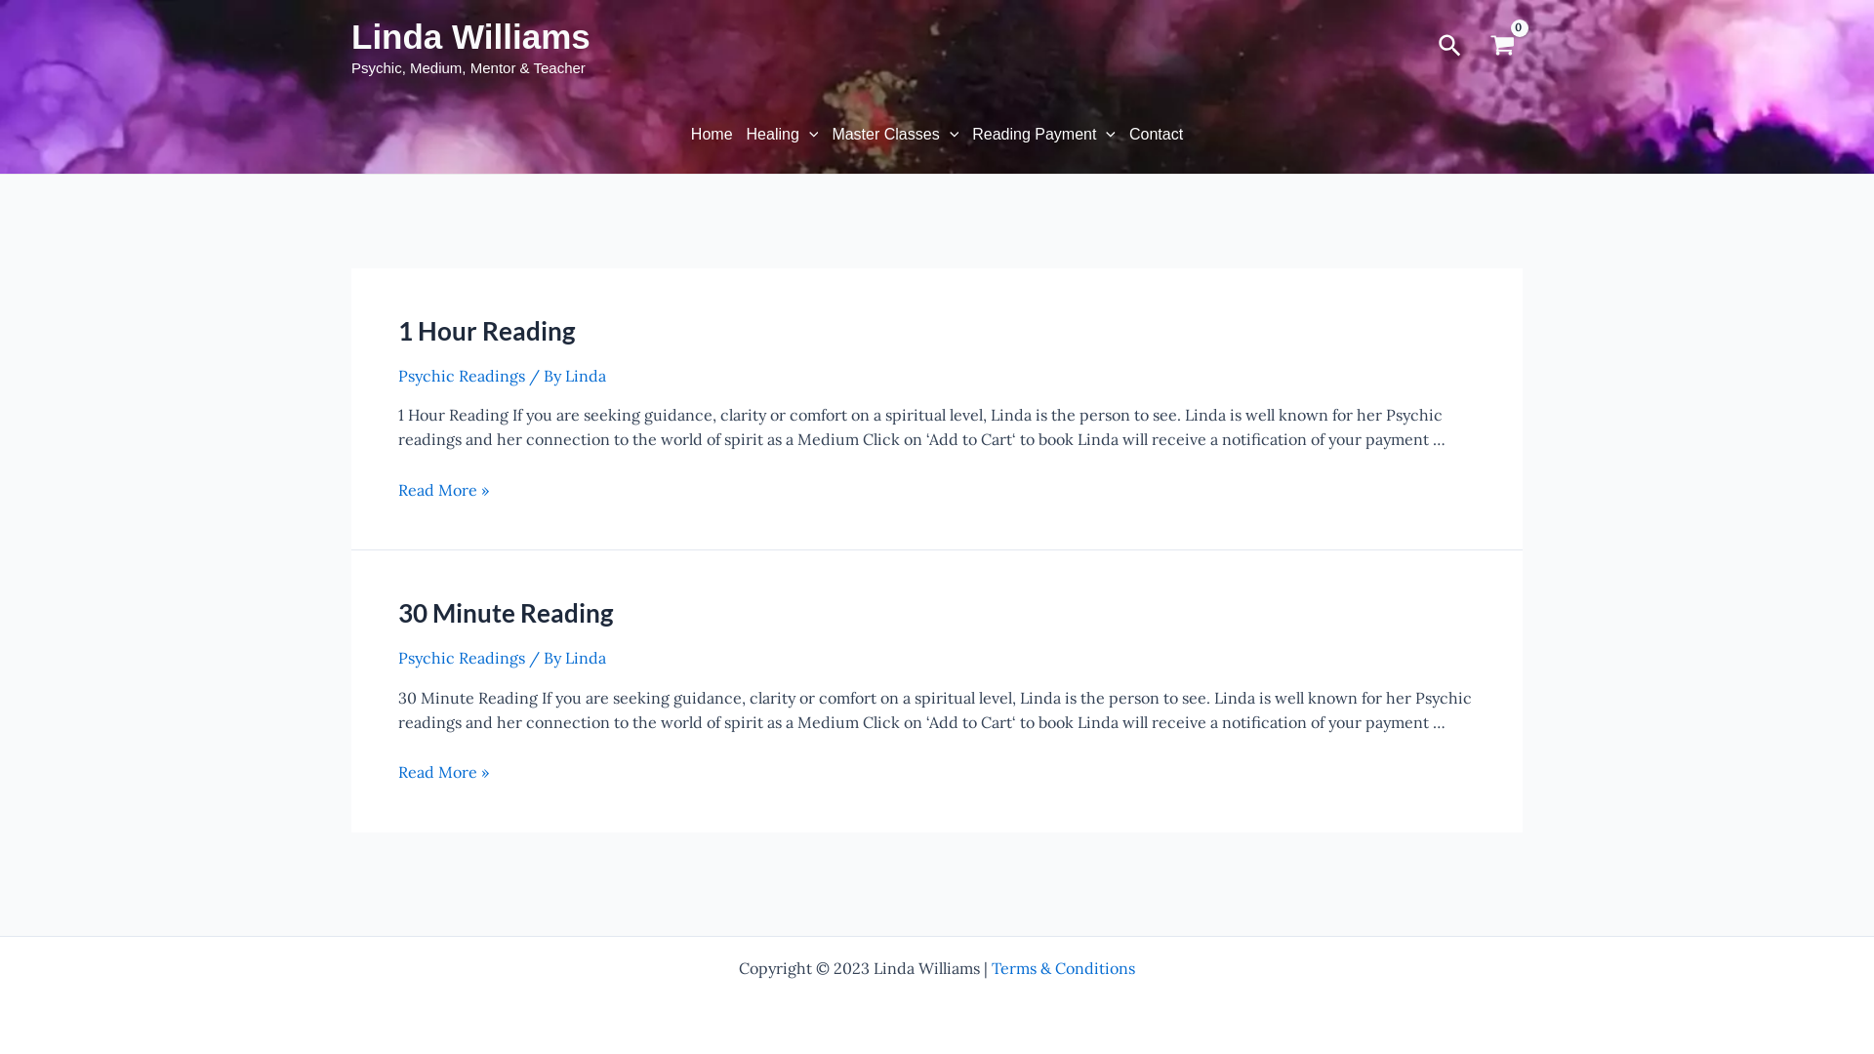 The width and height of the screenshot is (1874, 1054). What do you see at coordinates (585, 658) in the screenshot?
I see `'Linda'` at bounding box center [585, 658].